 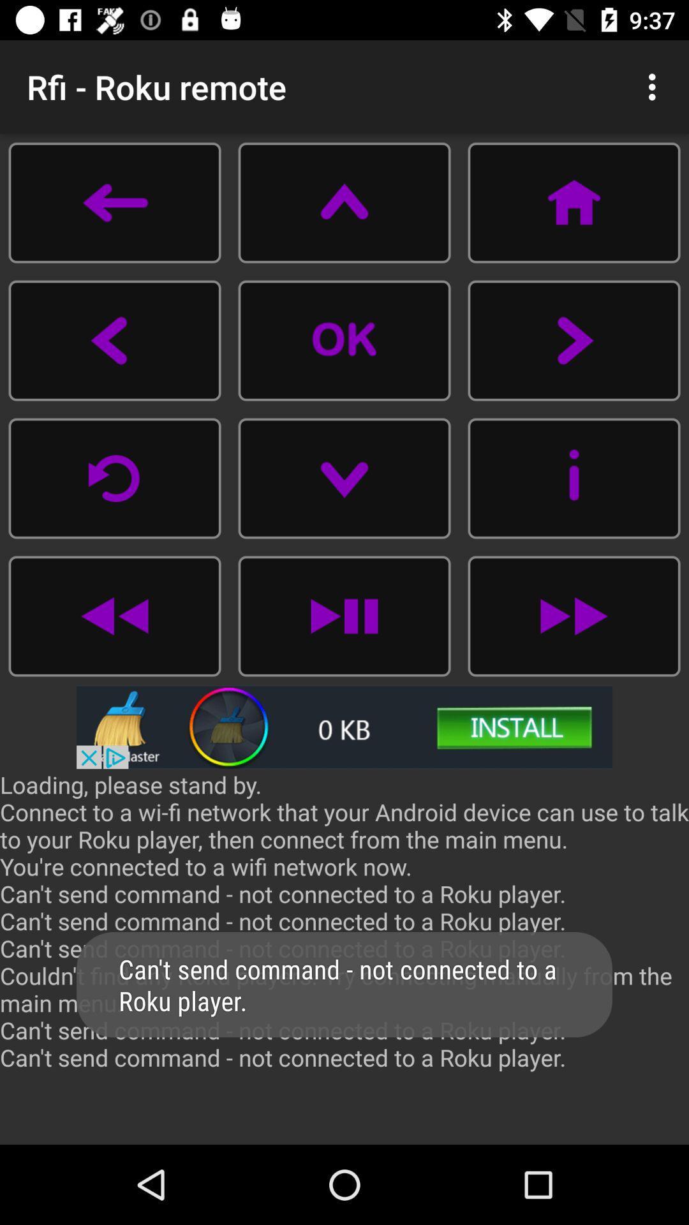 I want to click on clean install option, so click(x=344, y=727).